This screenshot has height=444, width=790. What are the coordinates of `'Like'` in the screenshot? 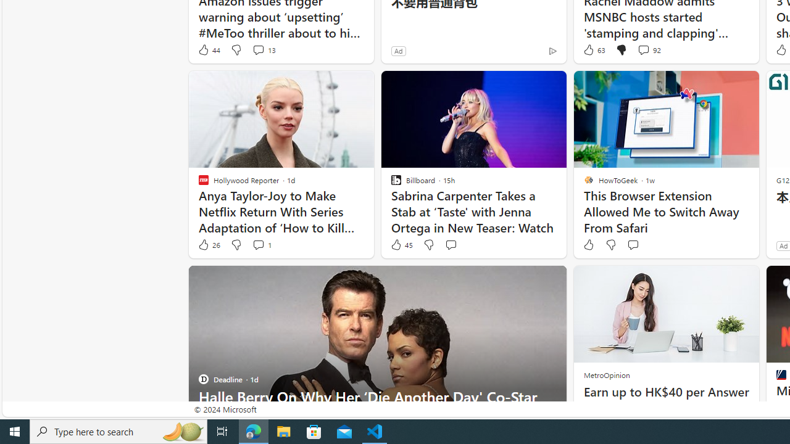 It's located at (587, 245).